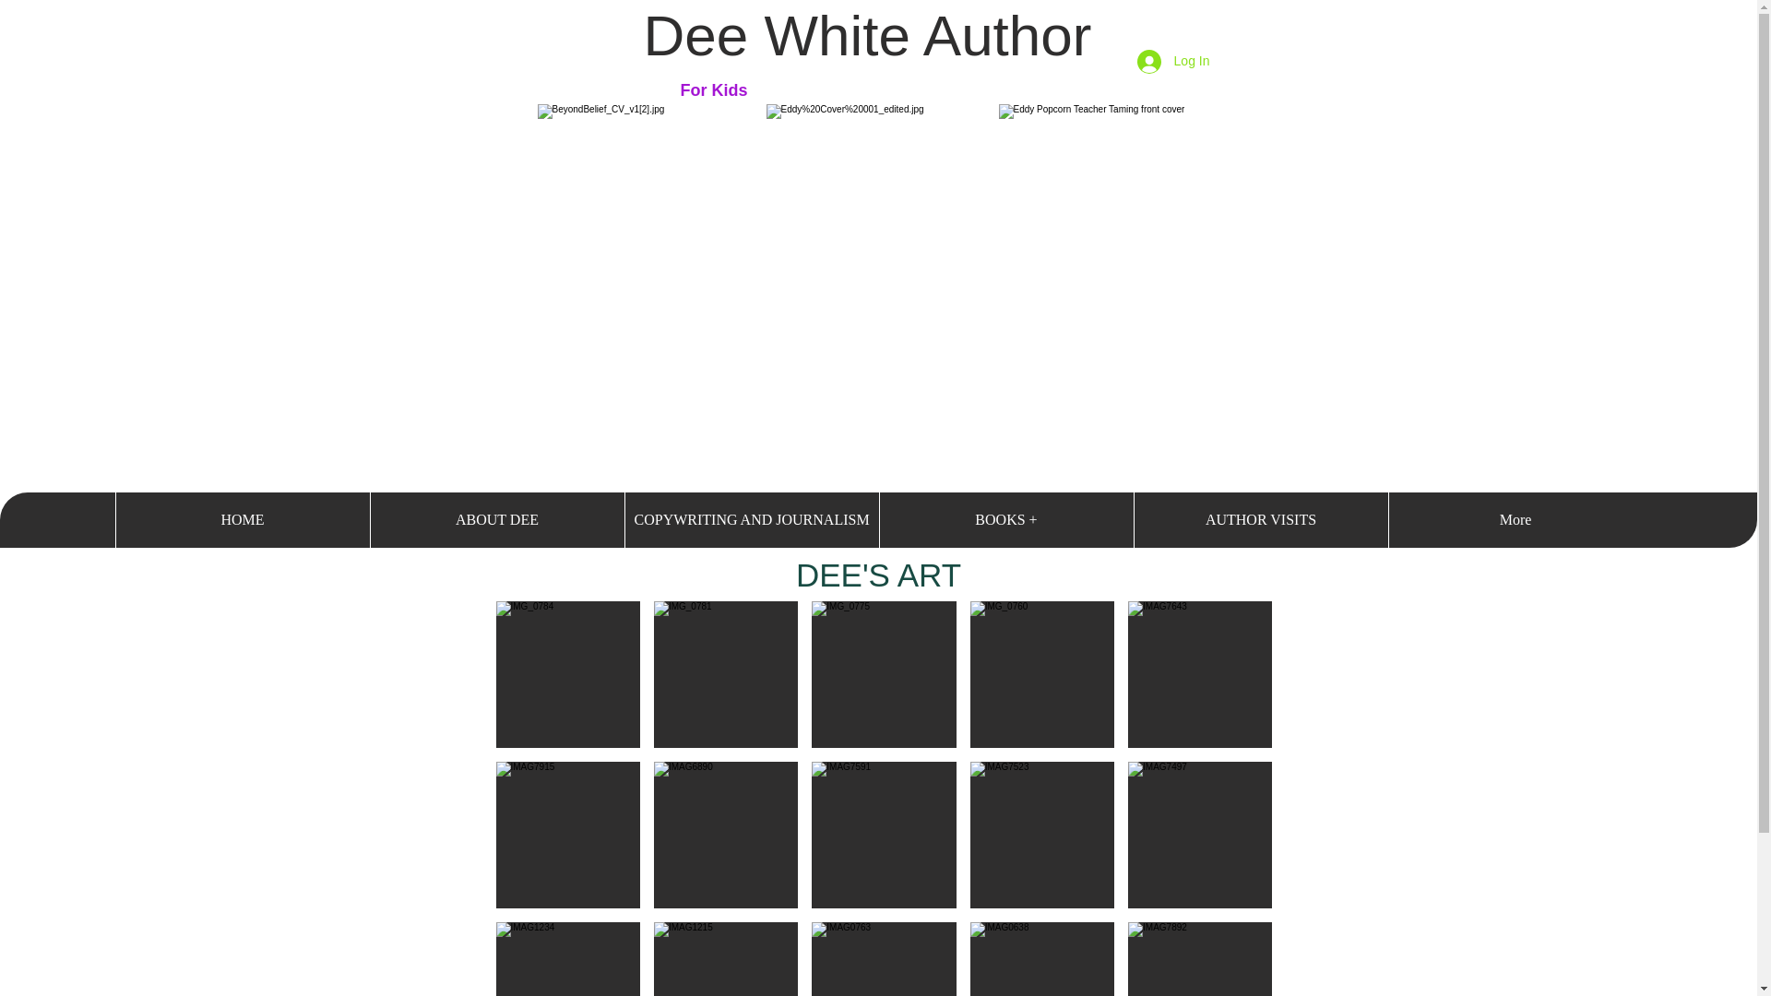 The height and width of the screenshot is (996, 1771). Describe the element at coordinates (751, 519) in the screenshot. I see `'COPYWRITING AND JOURNALISM'` at that location.